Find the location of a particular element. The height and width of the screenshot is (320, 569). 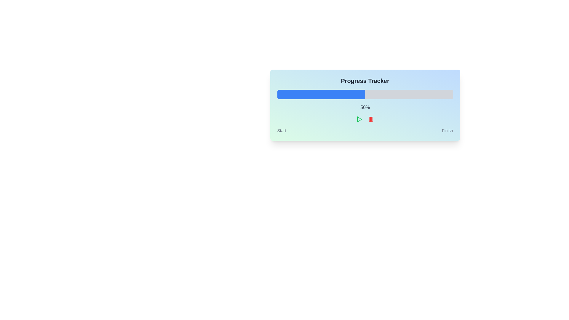

the left vertical bar of the pause button icon is located at coordinates (370, 119).